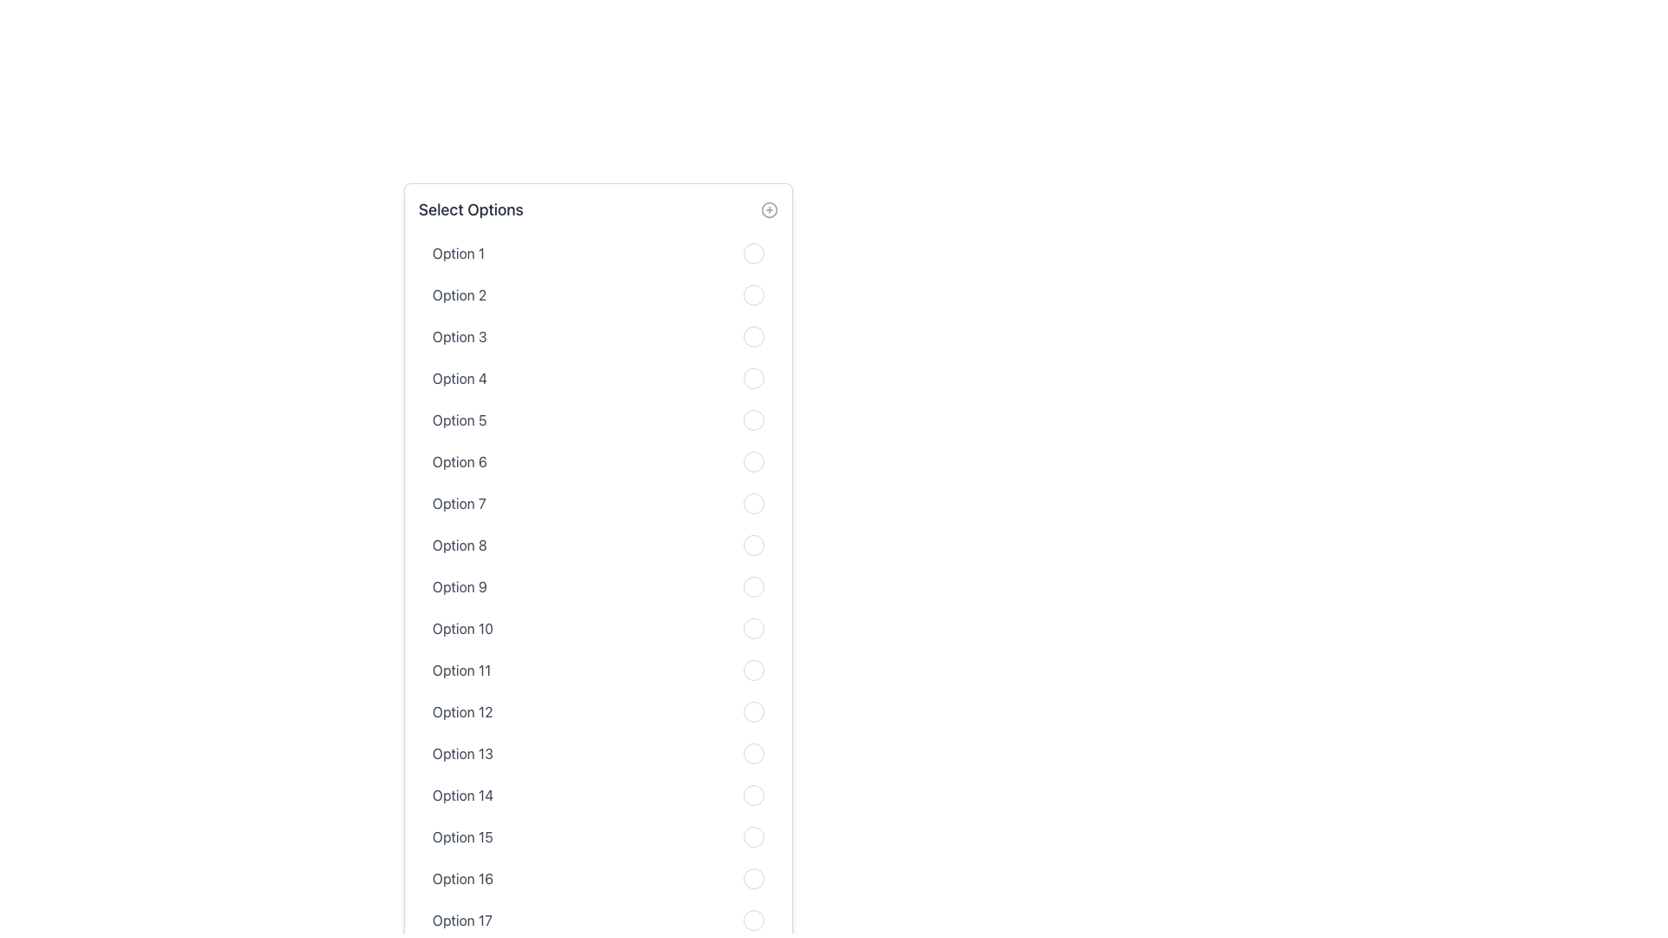  Describe the element at coordinates (460, 461) in the screenshot. I see `the text label that is the sixth option in the 'Select Options' list, which is aligned with a circular interactive element to its right` at that location.